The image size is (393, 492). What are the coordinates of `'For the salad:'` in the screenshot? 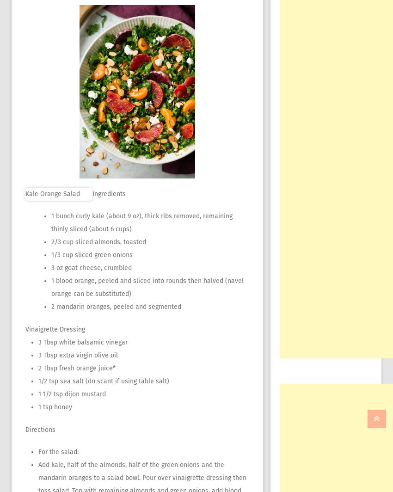 It's located at (58, 452).